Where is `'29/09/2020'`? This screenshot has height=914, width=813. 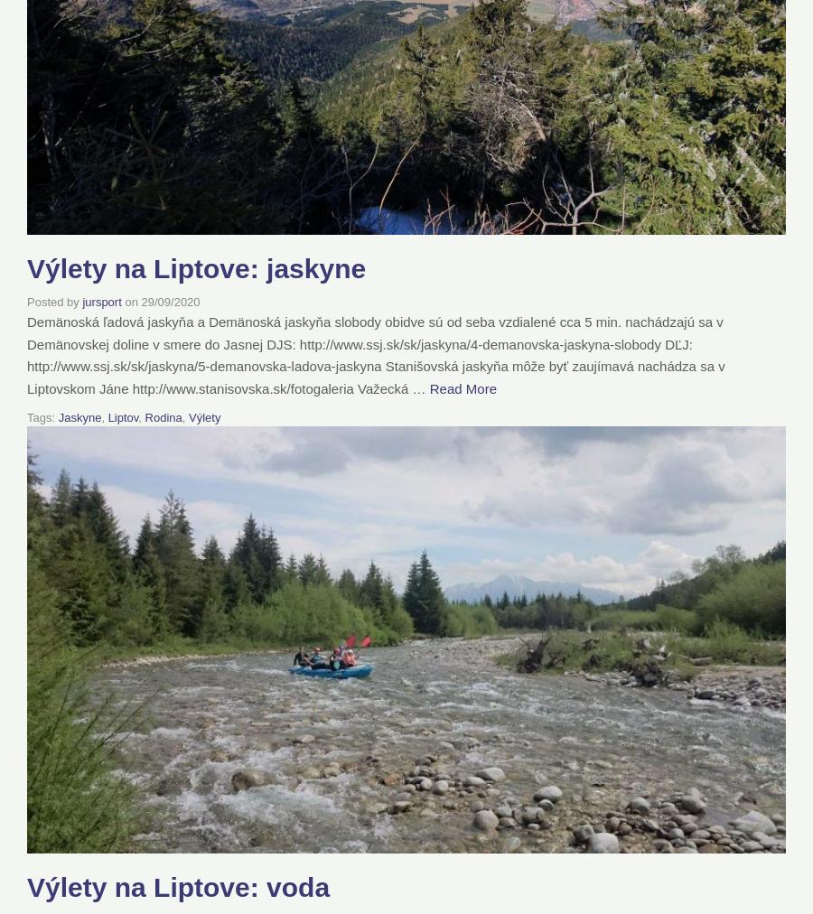 '29/09/2020' is located at coordinates (170, 301).